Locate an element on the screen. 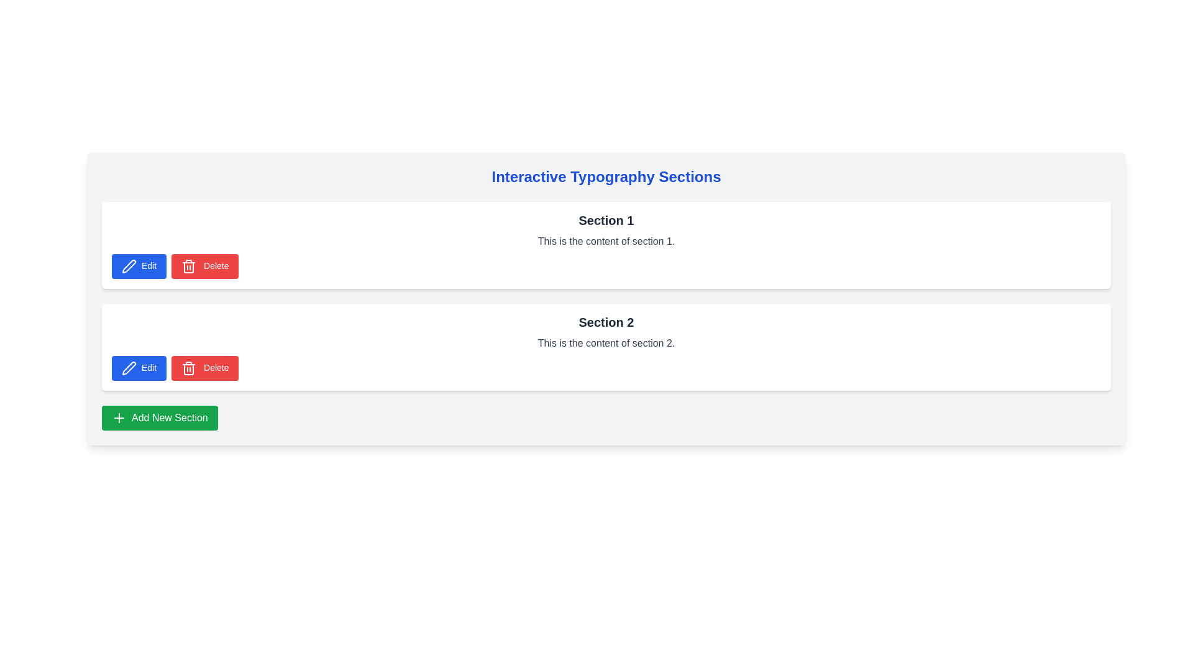 Image resolution: width=1193 pixels, height=671 pixels. the decorative edit icon positioned to the left of the blue 'Edit' button in 'Section 2' is located at coordinates (129, 368).